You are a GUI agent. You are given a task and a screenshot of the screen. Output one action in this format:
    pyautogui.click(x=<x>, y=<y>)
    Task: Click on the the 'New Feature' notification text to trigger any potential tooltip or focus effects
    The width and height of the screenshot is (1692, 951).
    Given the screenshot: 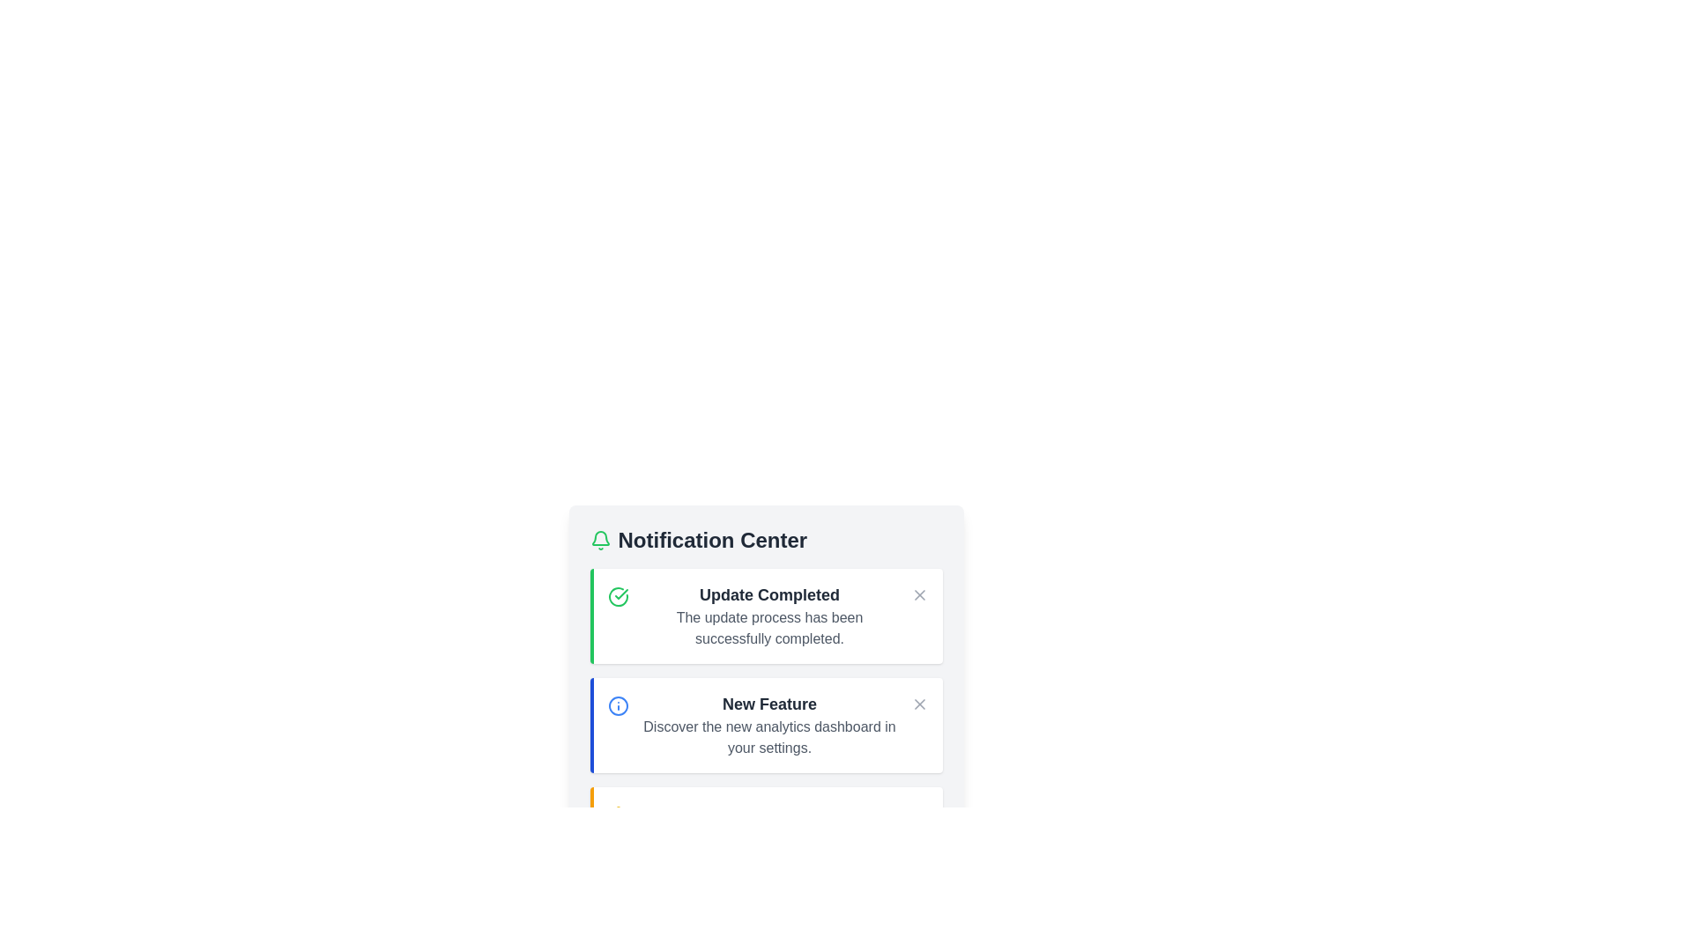 What is the action you would take?
    pyautogui.click(x=769, y=726)
    